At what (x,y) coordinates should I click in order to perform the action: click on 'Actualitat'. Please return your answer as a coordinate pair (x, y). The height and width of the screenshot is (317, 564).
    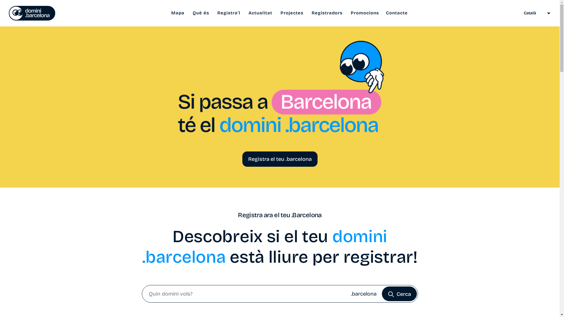
    Looking at the image, I should click on (245, 13).